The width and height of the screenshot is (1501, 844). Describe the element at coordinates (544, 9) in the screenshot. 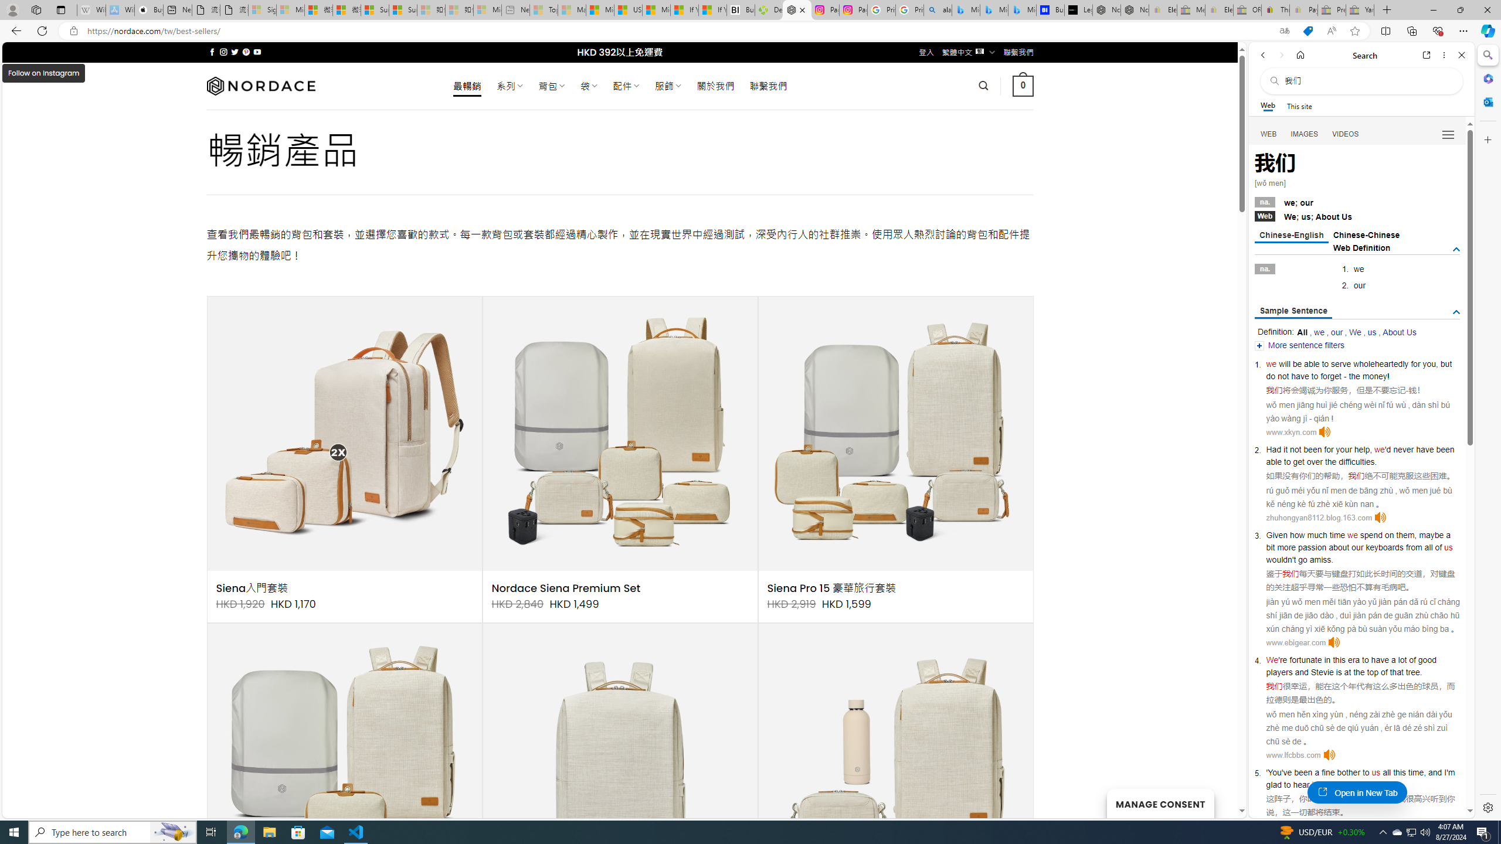

I see `'Top Stories - MSN - Sleeping'` at that location.